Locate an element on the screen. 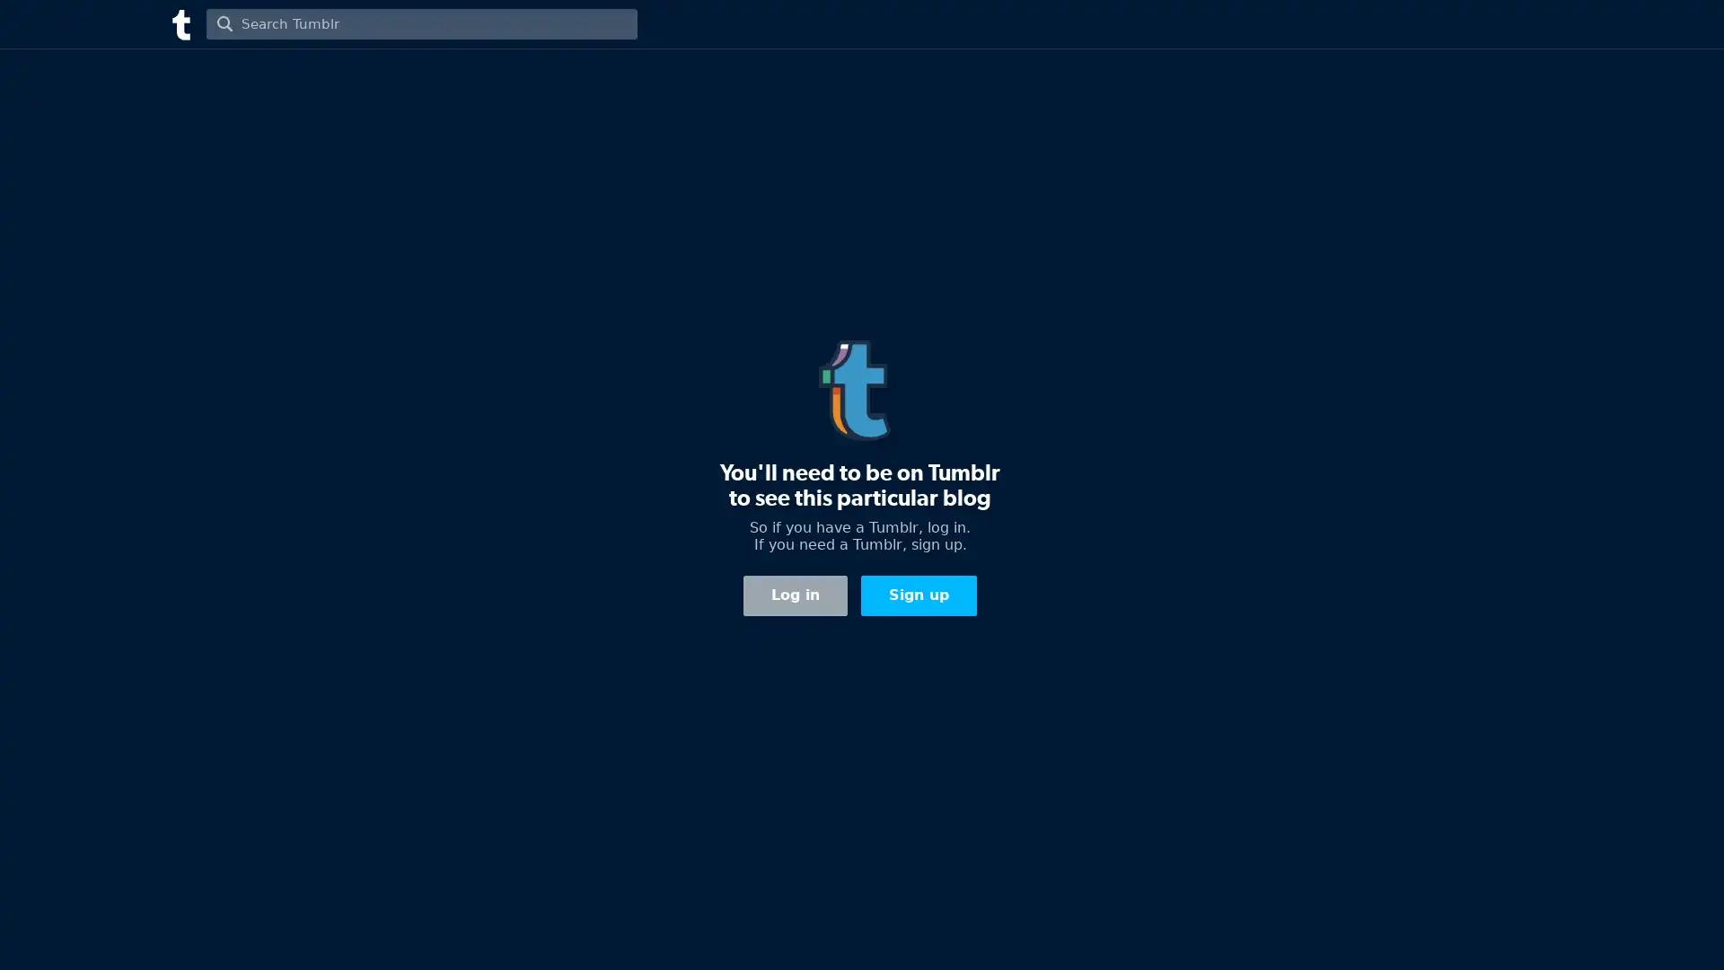  Sign up is located at coordinates (919, 595).